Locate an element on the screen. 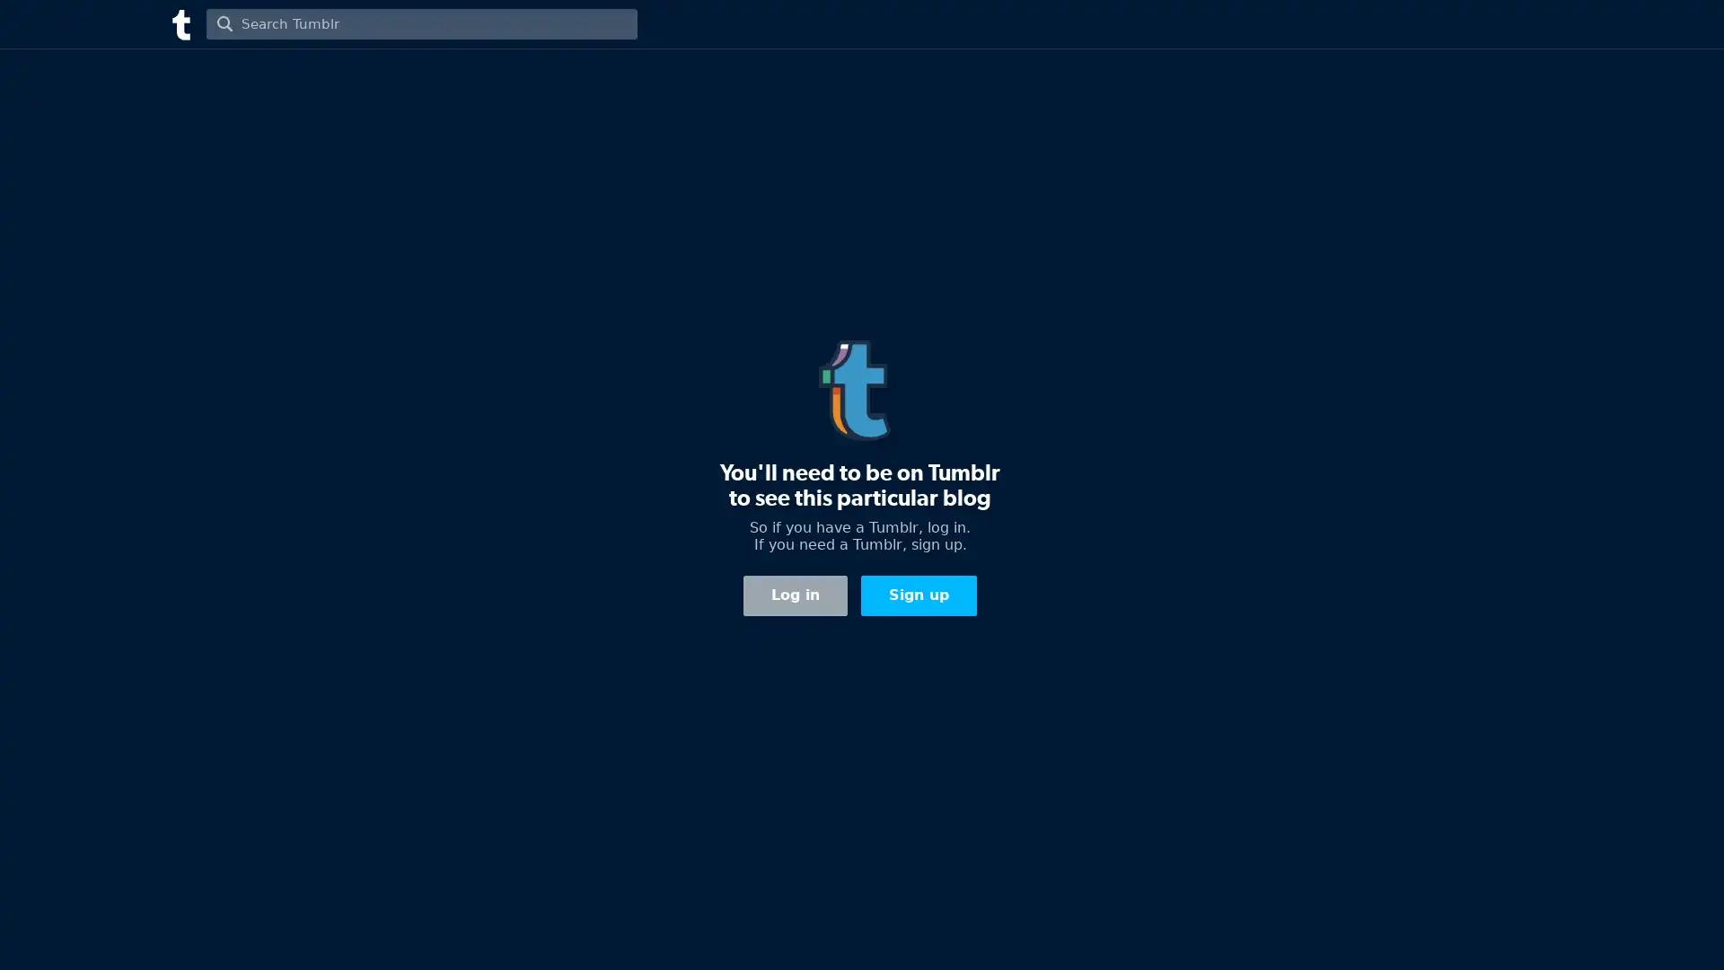  Sign up is located at coordinates (919, 595).